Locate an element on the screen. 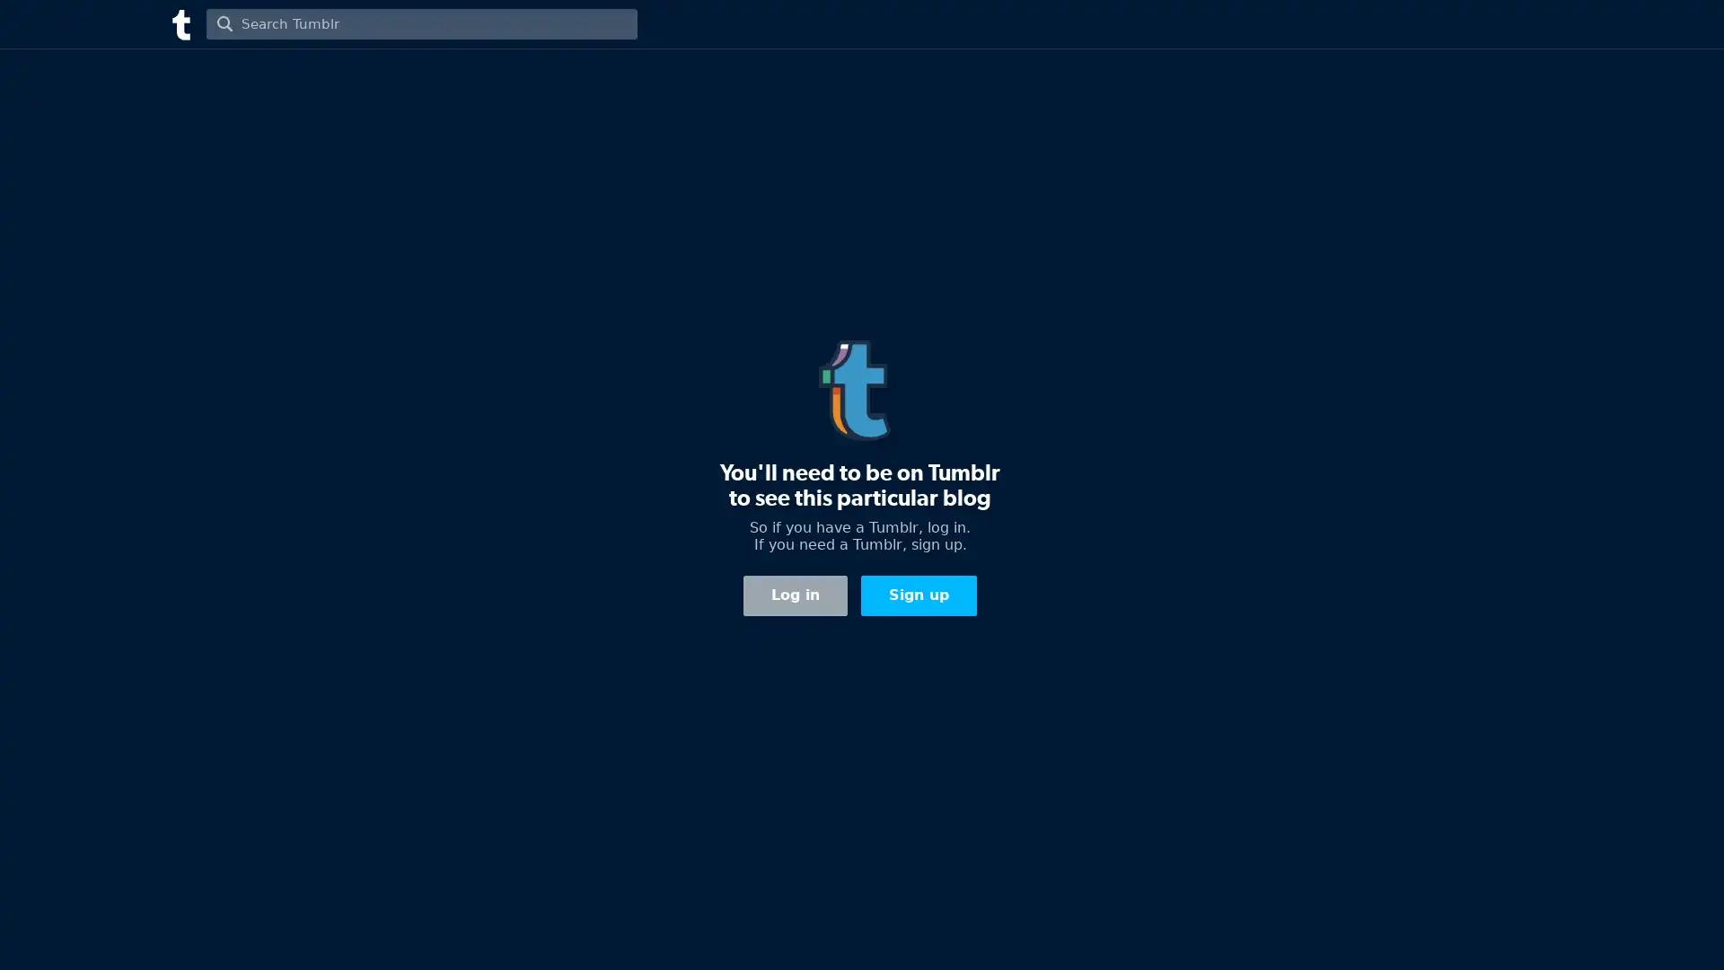  Sign up is located at coordinates (919, 595).